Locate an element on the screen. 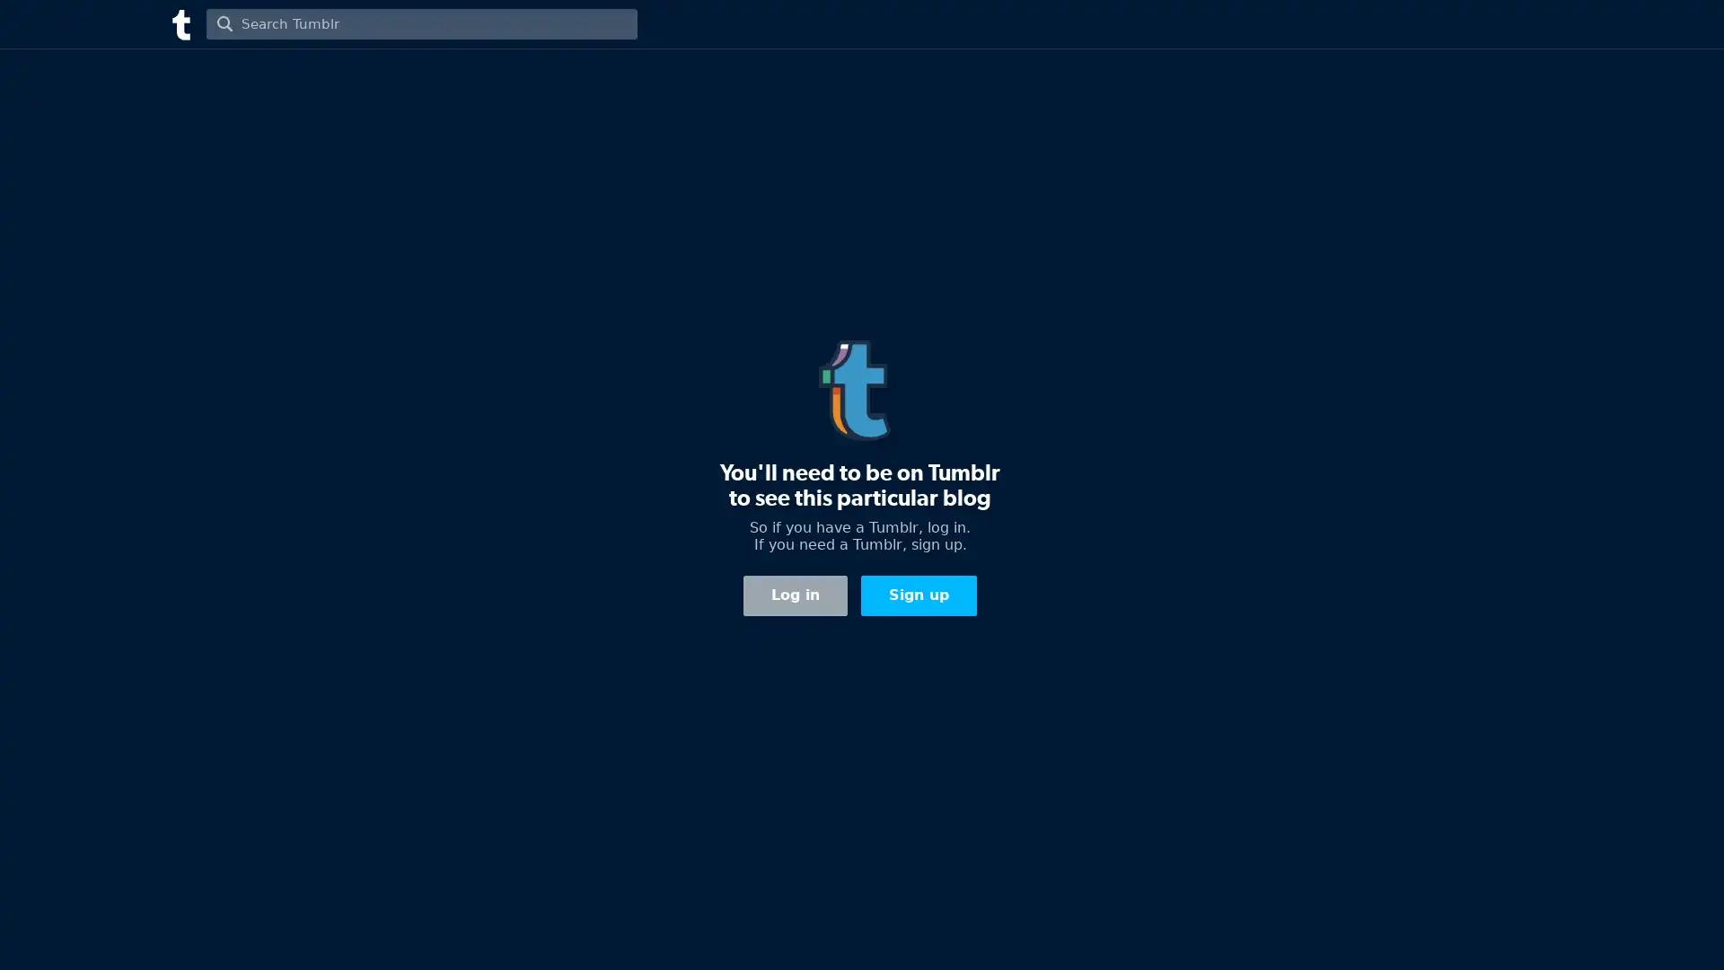  Sign up is located at coordinates (919, 595).